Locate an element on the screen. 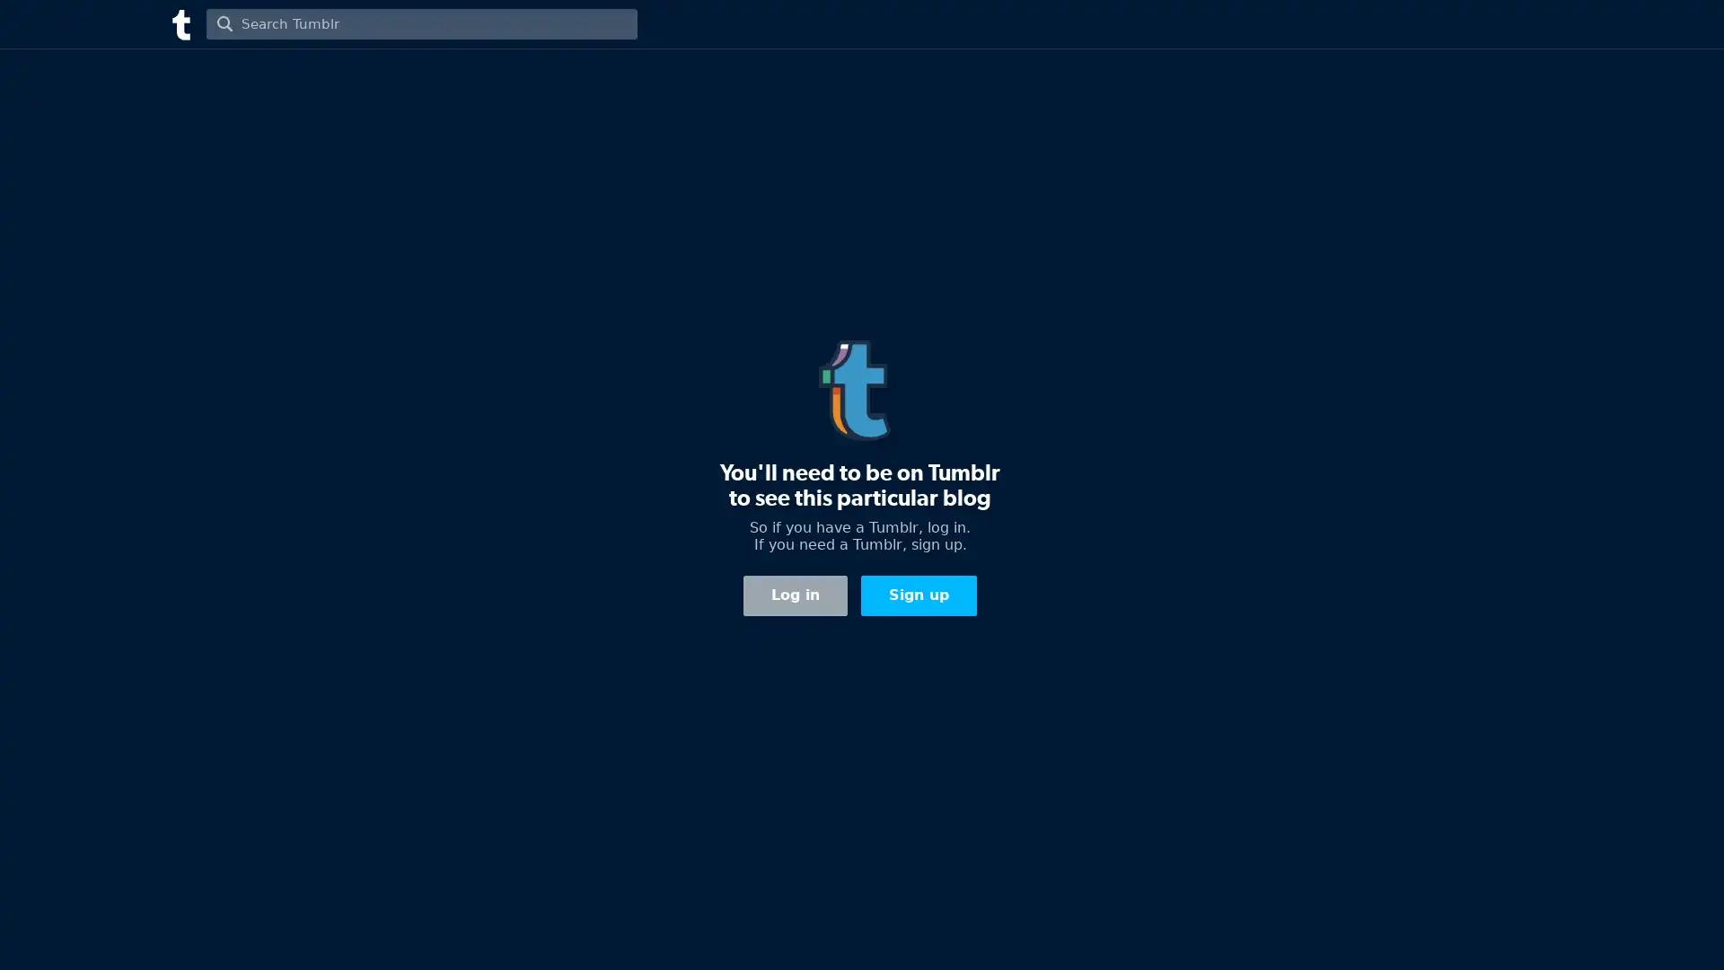  Sign up is located at coordinates (919, 595).